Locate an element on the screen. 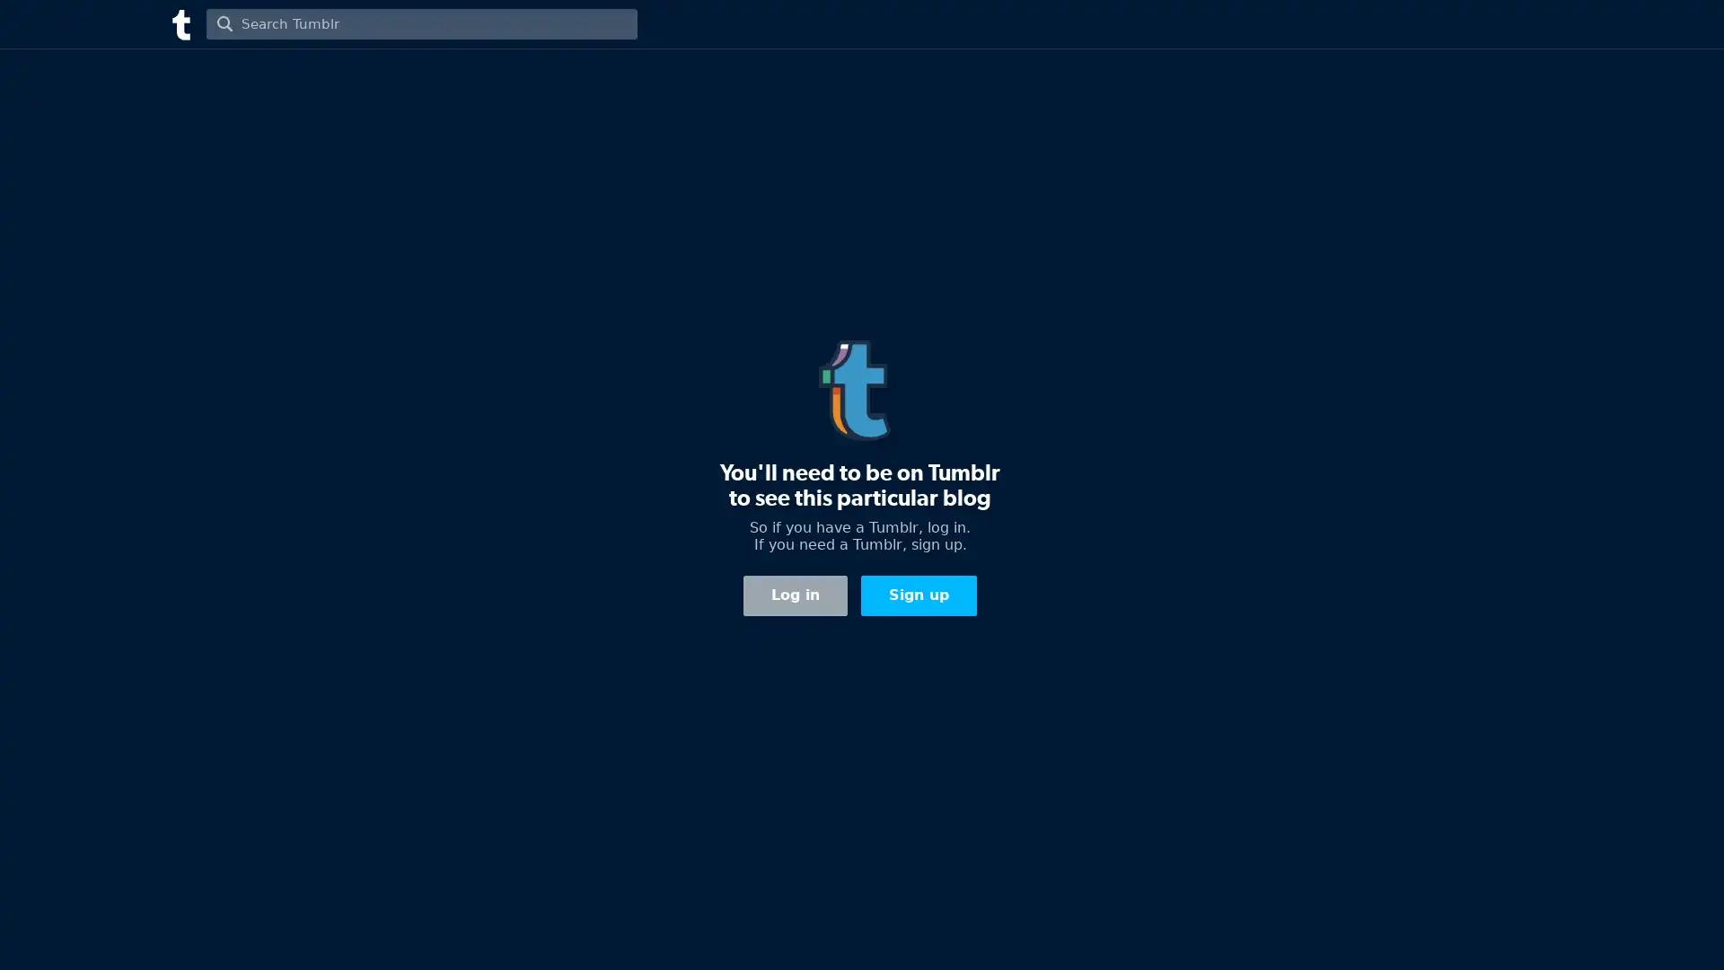  Sign up is located at coordinates (919, 595).